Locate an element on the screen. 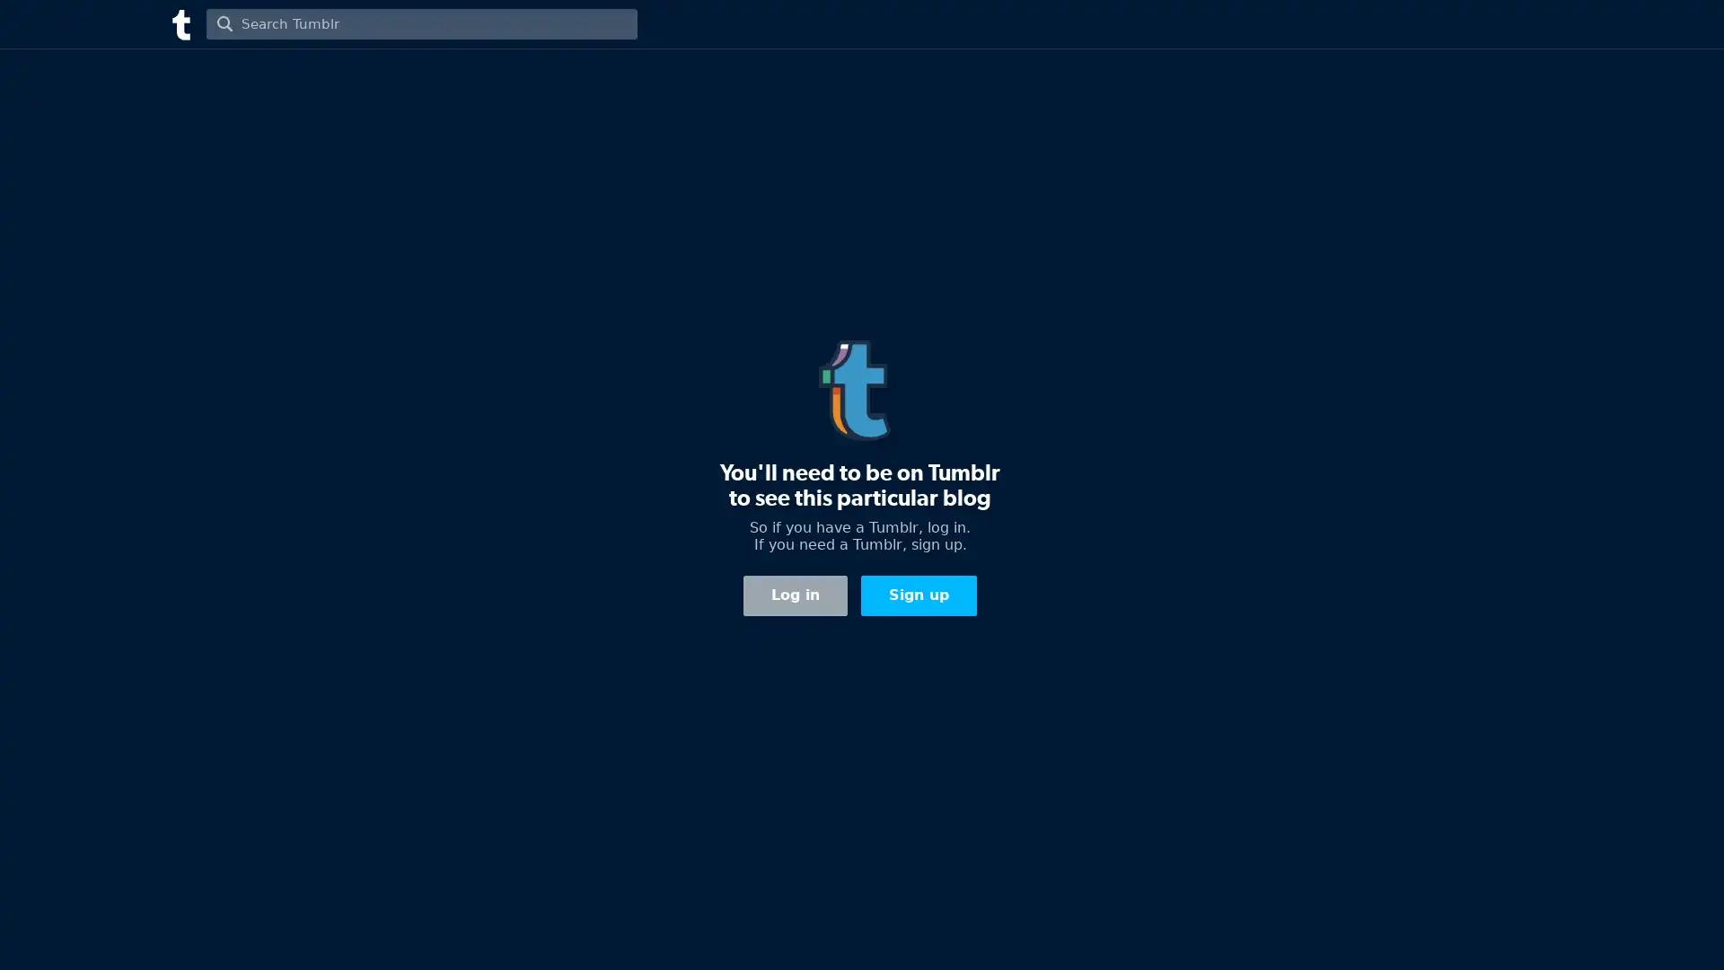  Sign up is located at coordinates (919, 595).